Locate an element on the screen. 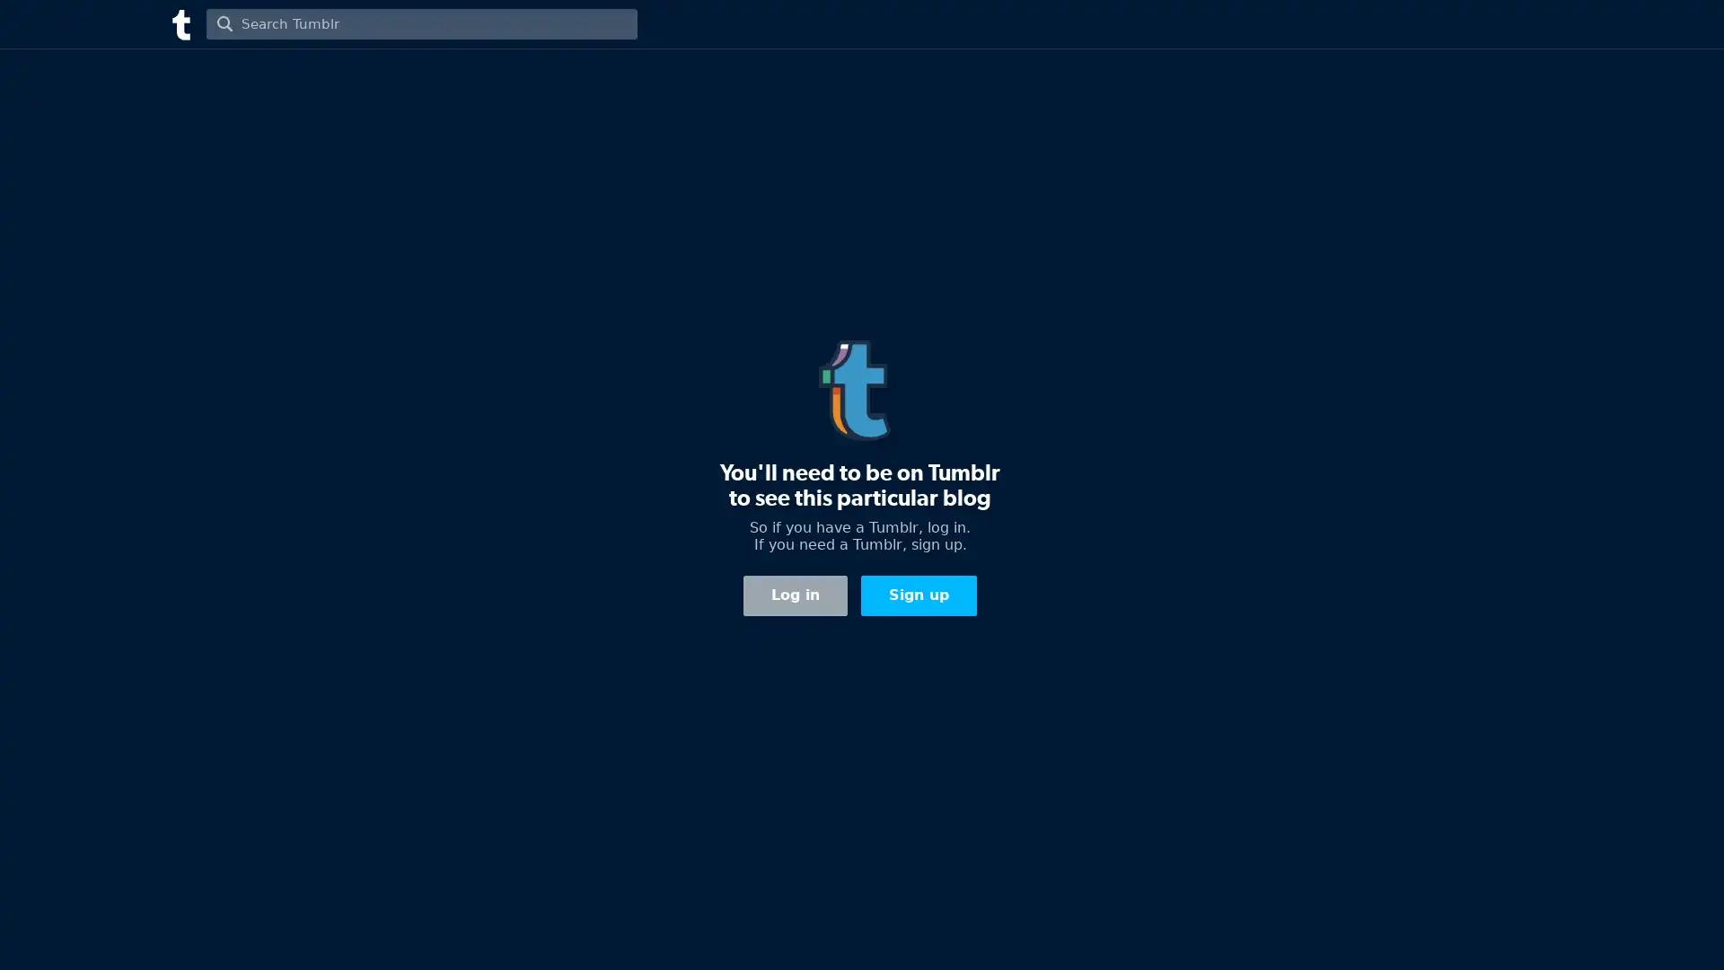  Sign up is located at coordinates (919, 595).